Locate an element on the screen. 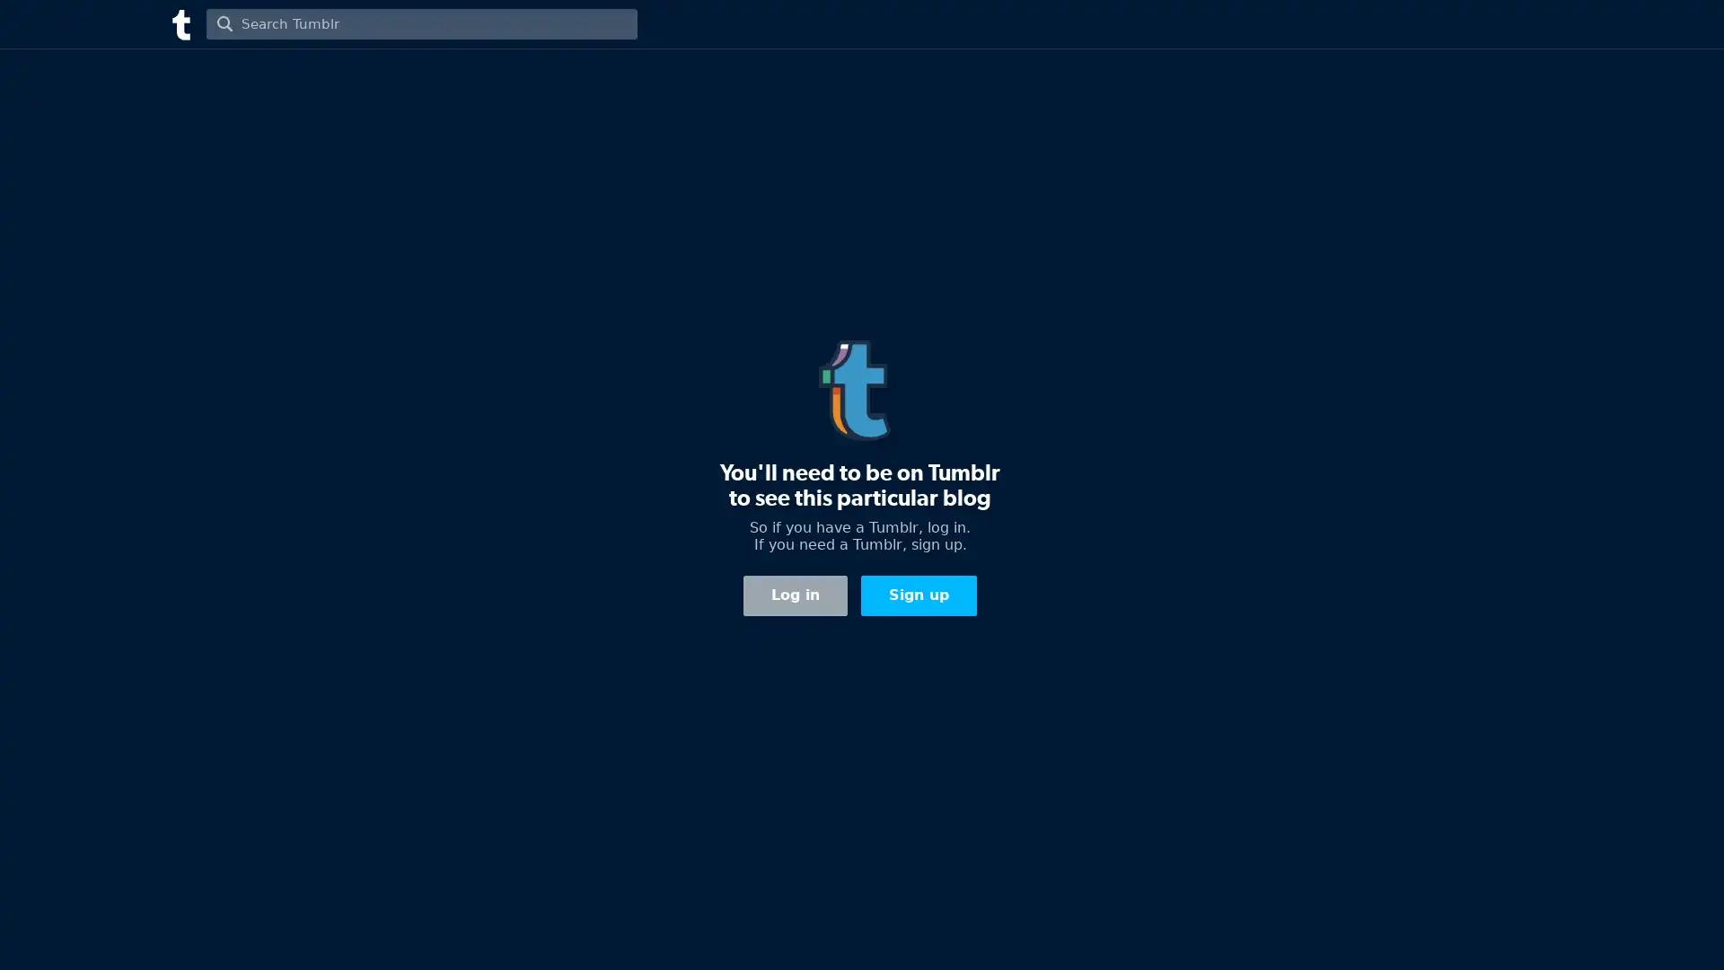  Sign up is located at coordinates (919, 595).